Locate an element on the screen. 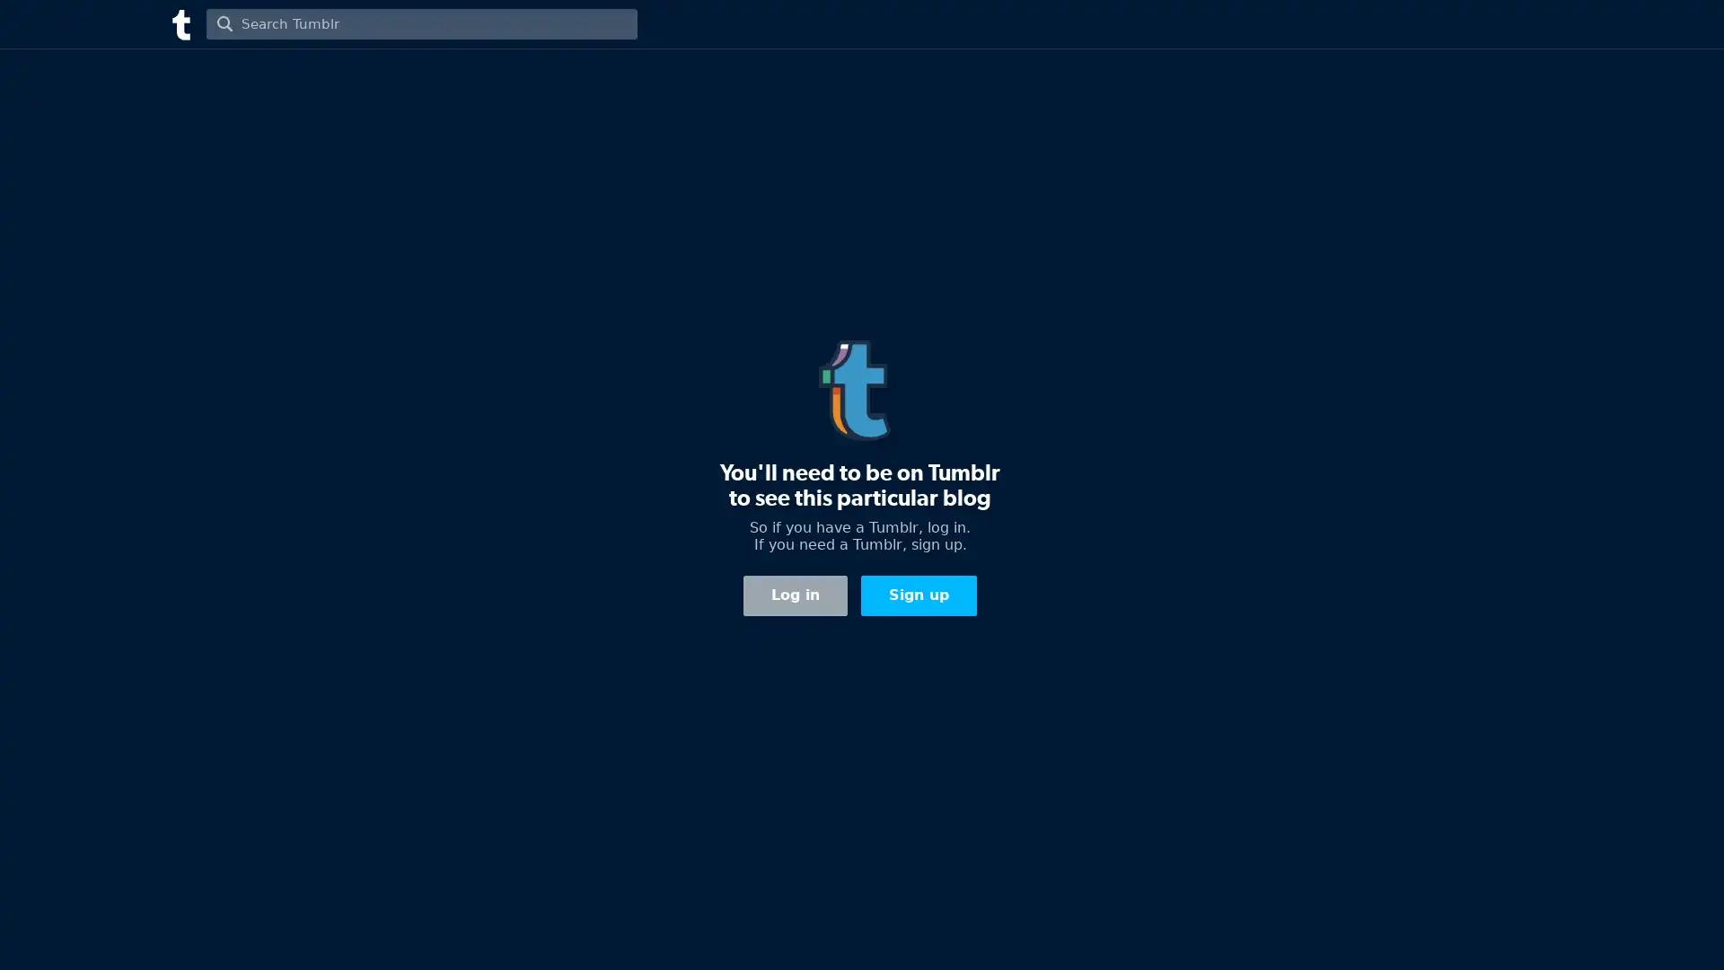  Sign up is located at coordinates (919, 595).